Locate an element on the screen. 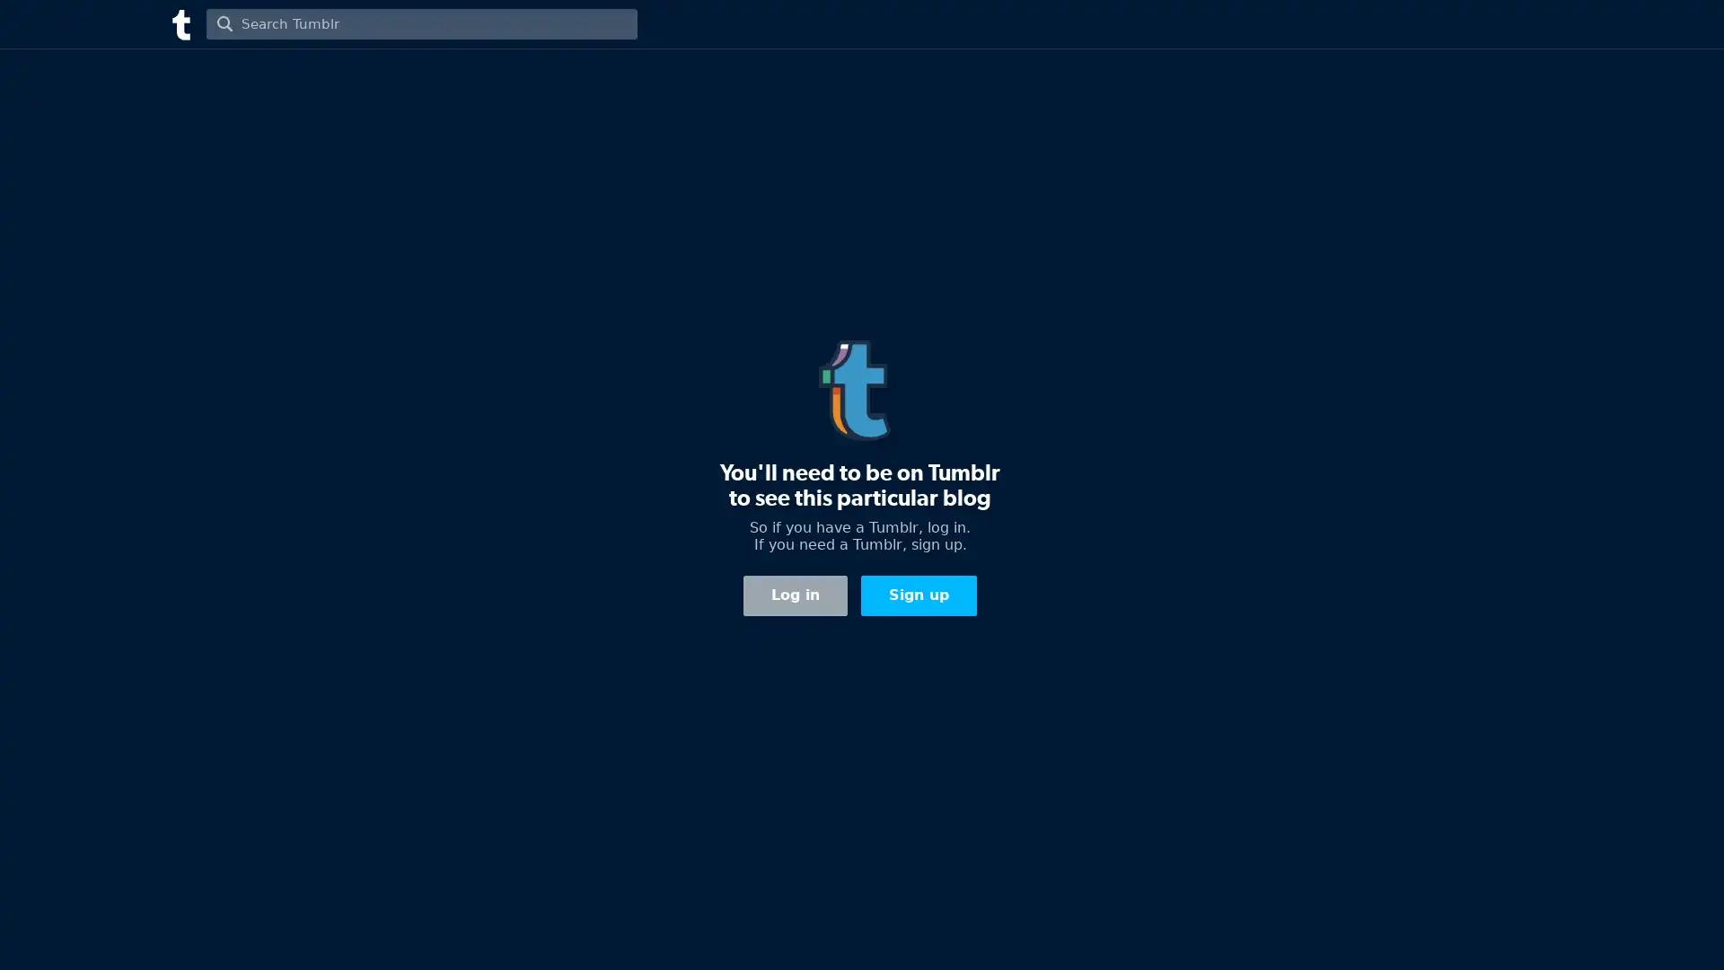  Sign up is located at coordinates (919, 595).